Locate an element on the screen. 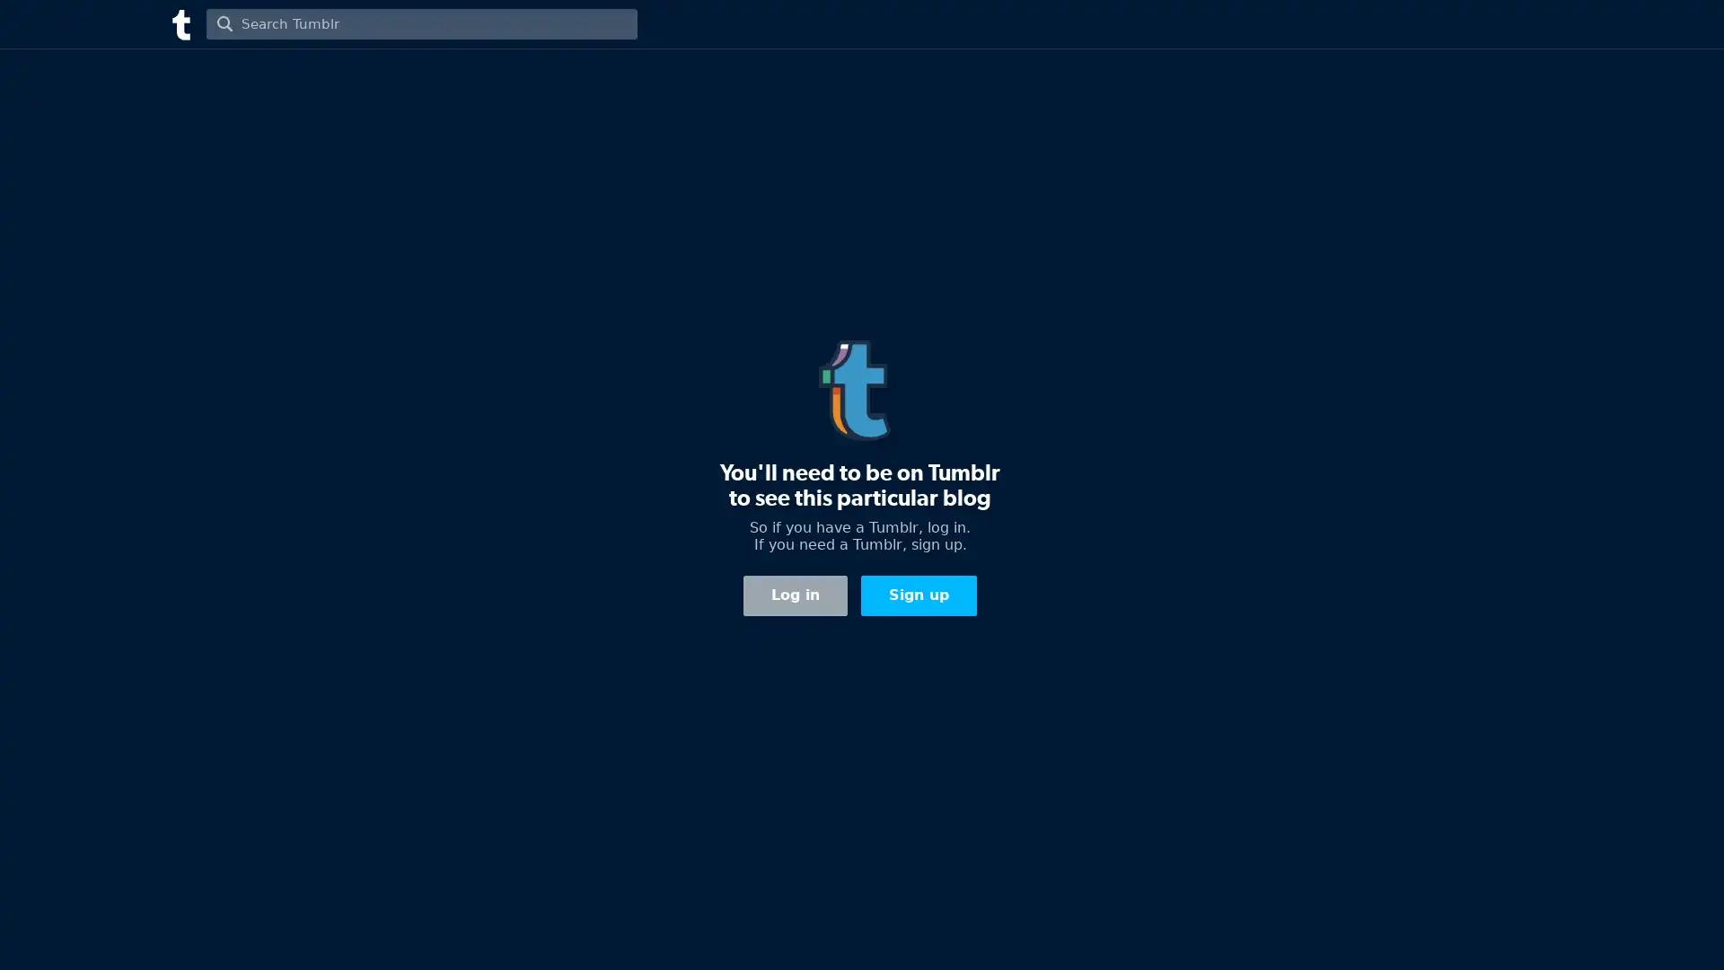  Sign up is located at coordinates (919, 595).